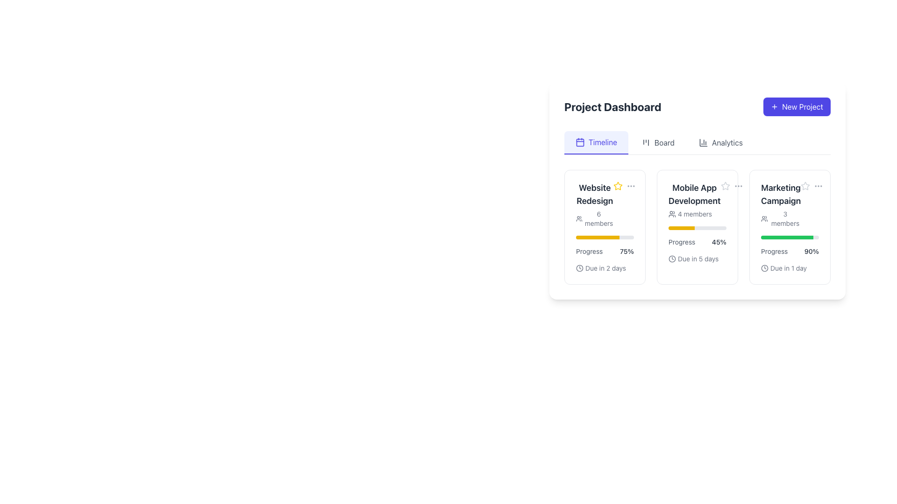 The height and width of the screenshot is (504, 897). What do you see at coordinates (681, 228) in the screenshot?
I see `progress value from the yellow progress bar segment within the 'Mobile App Development' card on the dashboard` at bounding box center [681, 228].